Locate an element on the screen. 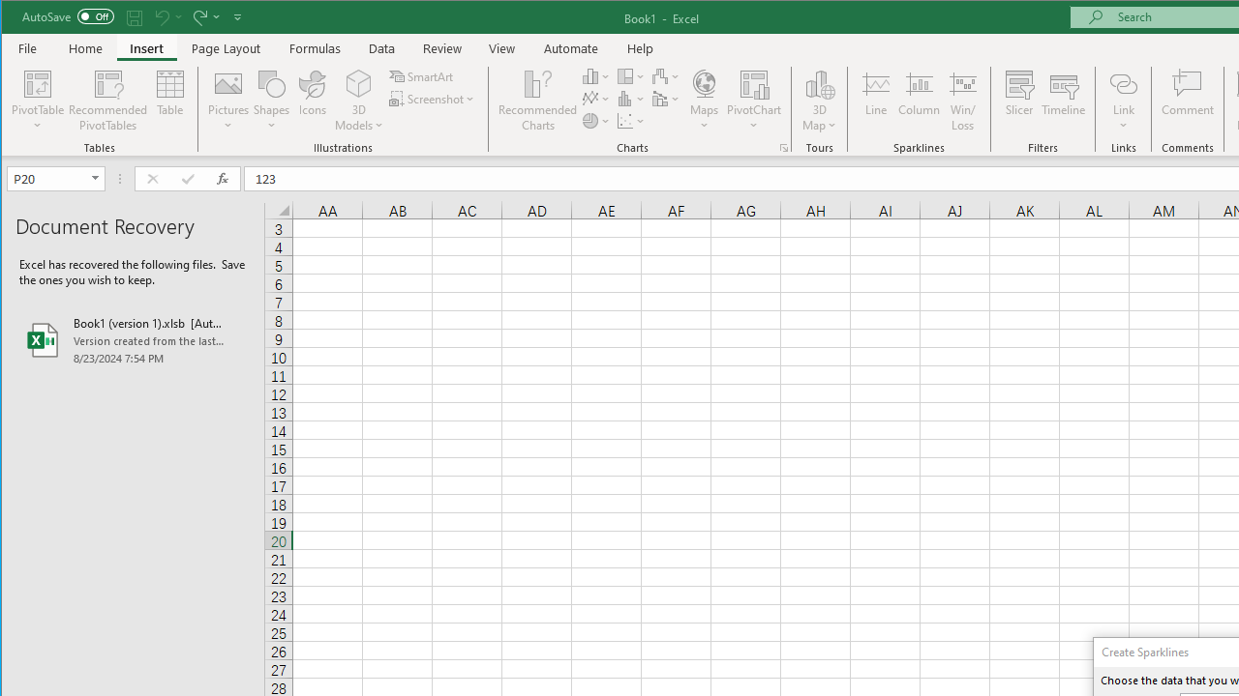  'Column' is located at coordinates (918, 101).